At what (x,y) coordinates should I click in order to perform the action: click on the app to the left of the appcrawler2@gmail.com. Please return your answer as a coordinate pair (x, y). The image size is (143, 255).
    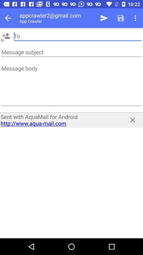
    Looking at the image, I should click on (10, 18).